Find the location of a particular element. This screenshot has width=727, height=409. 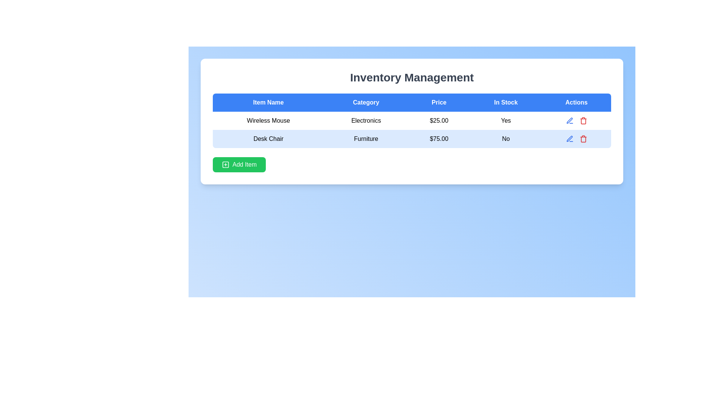

price value displayed for the 'Desk Chair' item in the inventory table, located in the third column of the second row is located at coordinates (439, 139).